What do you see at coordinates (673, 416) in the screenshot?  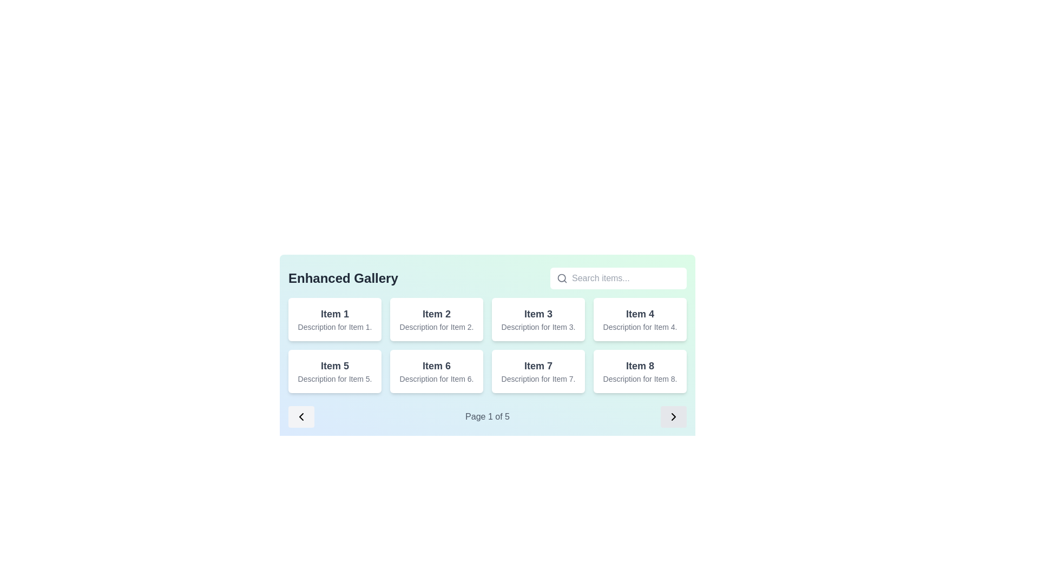 I see `the rightward chevron icon within the button located at the bottom-right corner of the gallery interface for interaction feedback` at bounding box center [673, 416].